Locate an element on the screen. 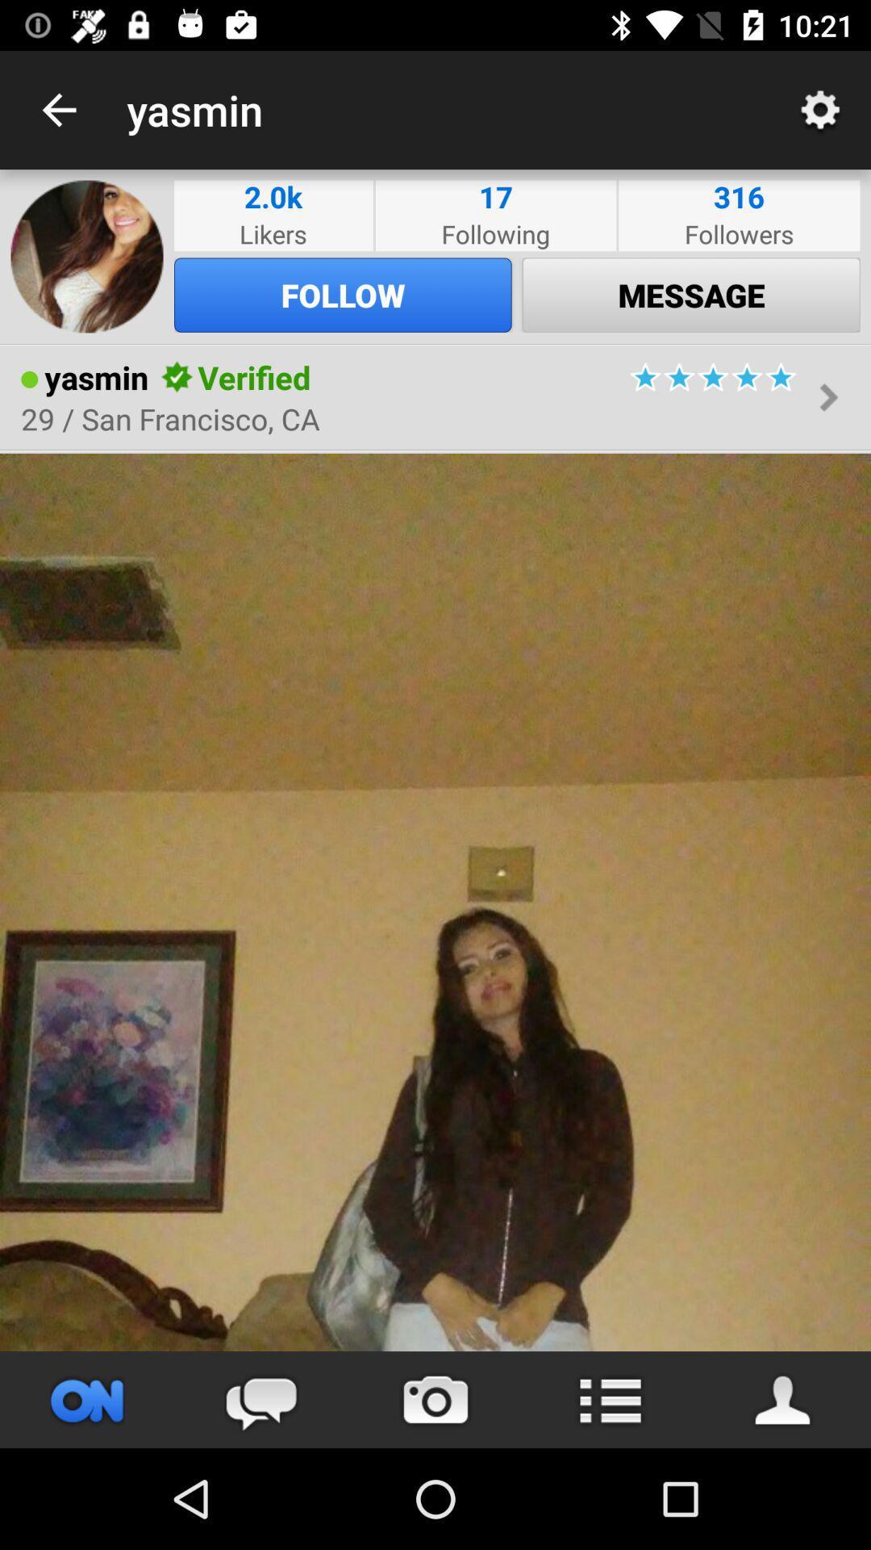 This screenshot has width=871, height=1550. profile is located at coordinates (783, 1399).